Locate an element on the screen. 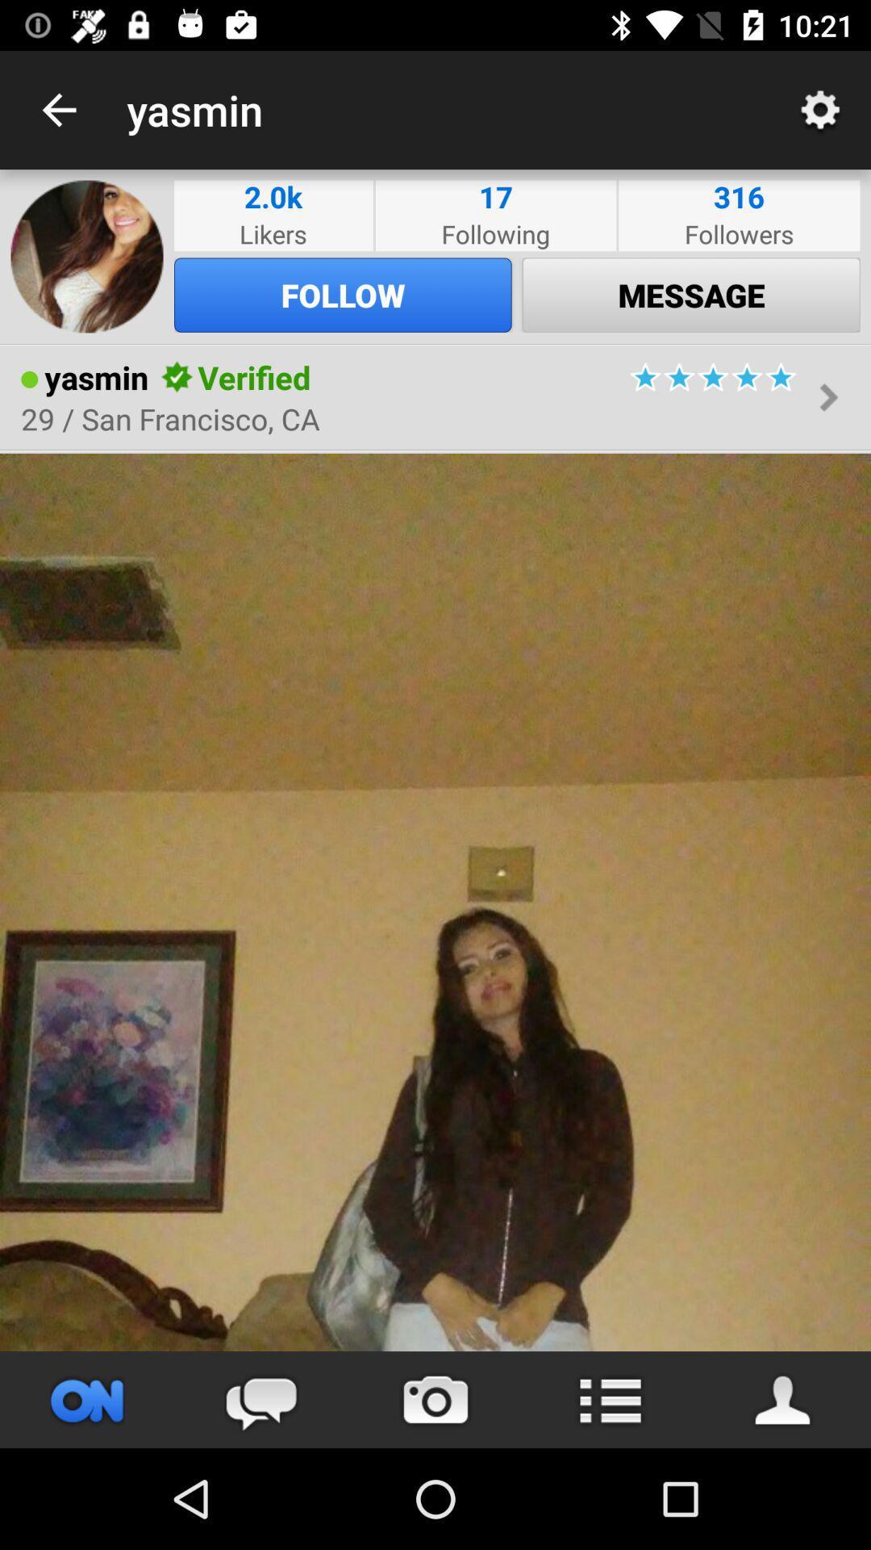 This screenshot has width=871, height=1550. profile is located at coordinates (783, 1399).